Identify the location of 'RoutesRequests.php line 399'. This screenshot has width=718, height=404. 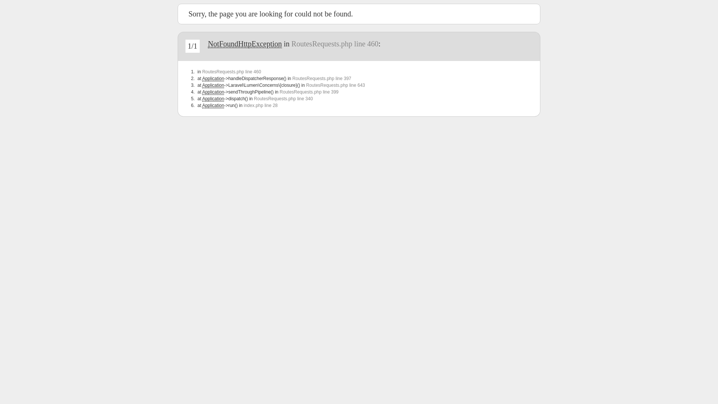
(309, 92).